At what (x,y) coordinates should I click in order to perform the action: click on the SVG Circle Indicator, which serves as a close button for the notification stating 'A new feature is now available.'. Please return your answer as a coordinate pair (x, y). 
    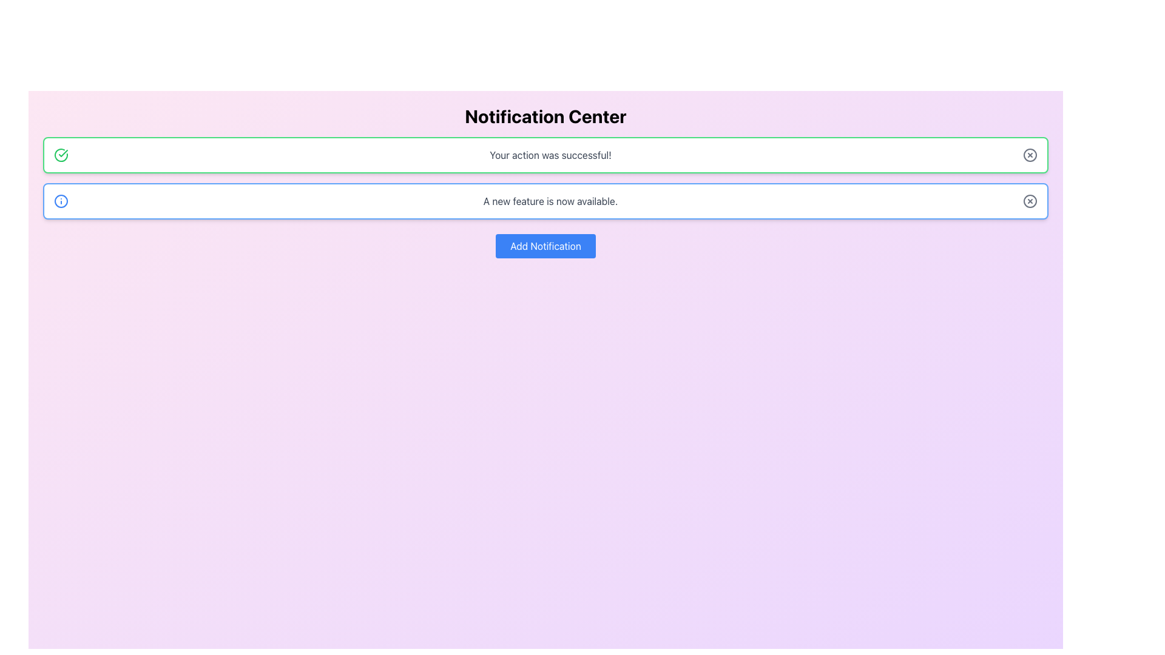
    Looking at the image, I should click on (1030, 200).